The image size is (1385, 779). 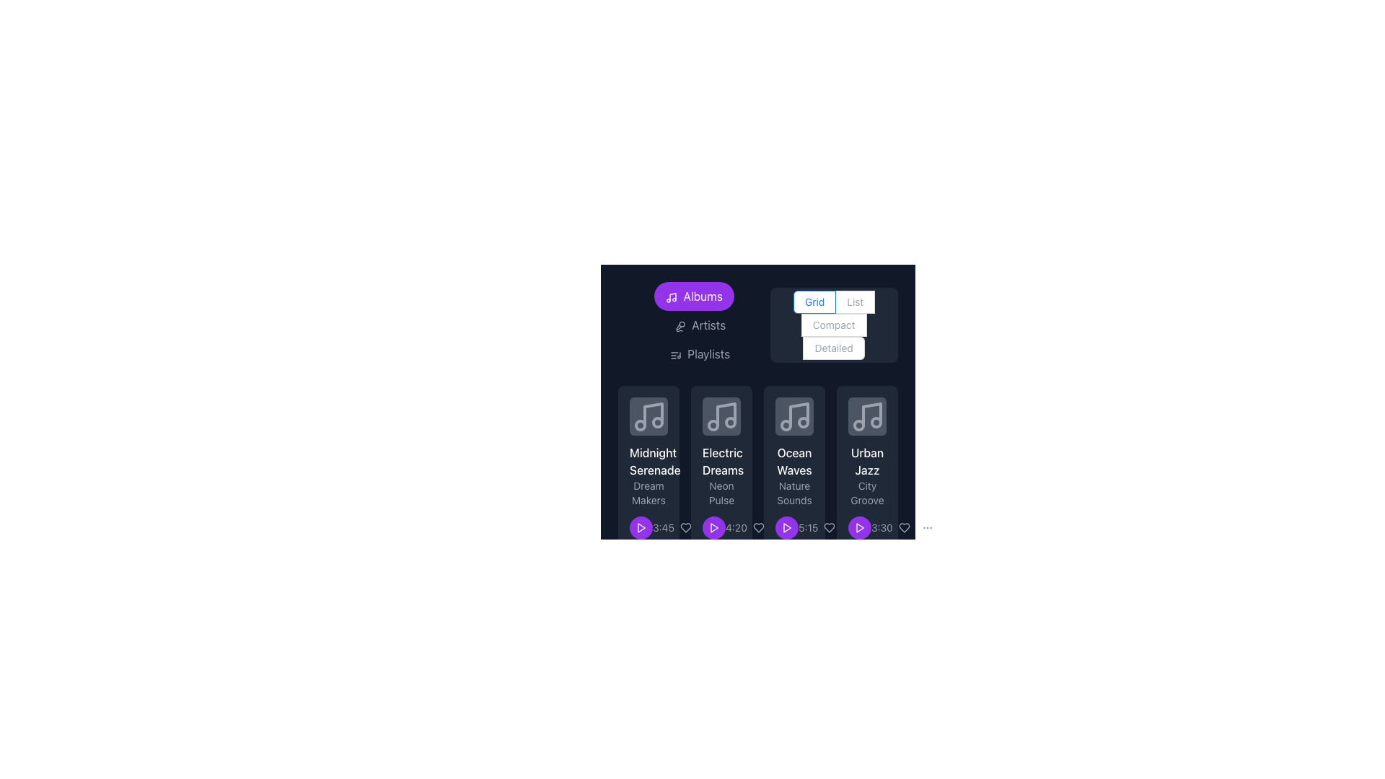 What do you see at coordinates (685, 528) in the screenshot?
I see `the hollow gray heart-shaped icon located to the right of the purple play button in the bottom section of the second music tile to like or favorite the item` at bounding box center [685, 528].